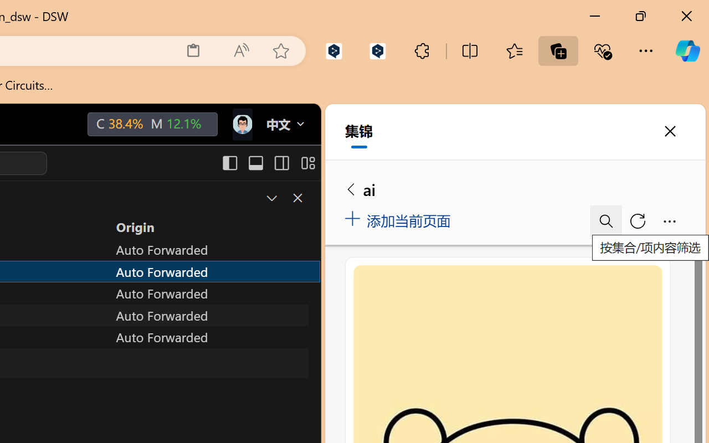 This screenshot has width=709, height=443. I want to click on 'Toggle Panel (Ctrl+J)', so click(255, 163).